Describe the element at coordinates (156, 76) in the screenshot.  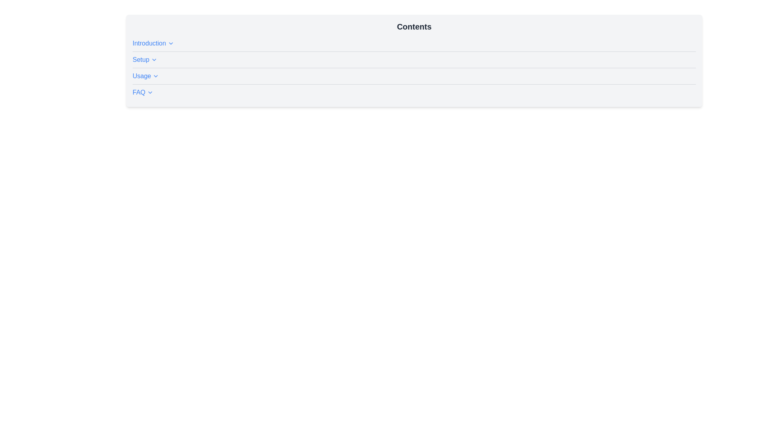
I see `the downwards pointing chevron icon` at that location.